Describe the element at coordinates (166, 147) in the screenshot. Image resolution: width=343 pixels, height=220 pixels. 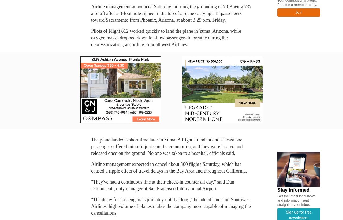
I see `'The plane landed a short time later in Yuma. A flight attendant and at least one passenger suffered minor injuries in the commotion, and they were treated and released once on the ground. No one was taken to a hospital, officials said.'` at that location.